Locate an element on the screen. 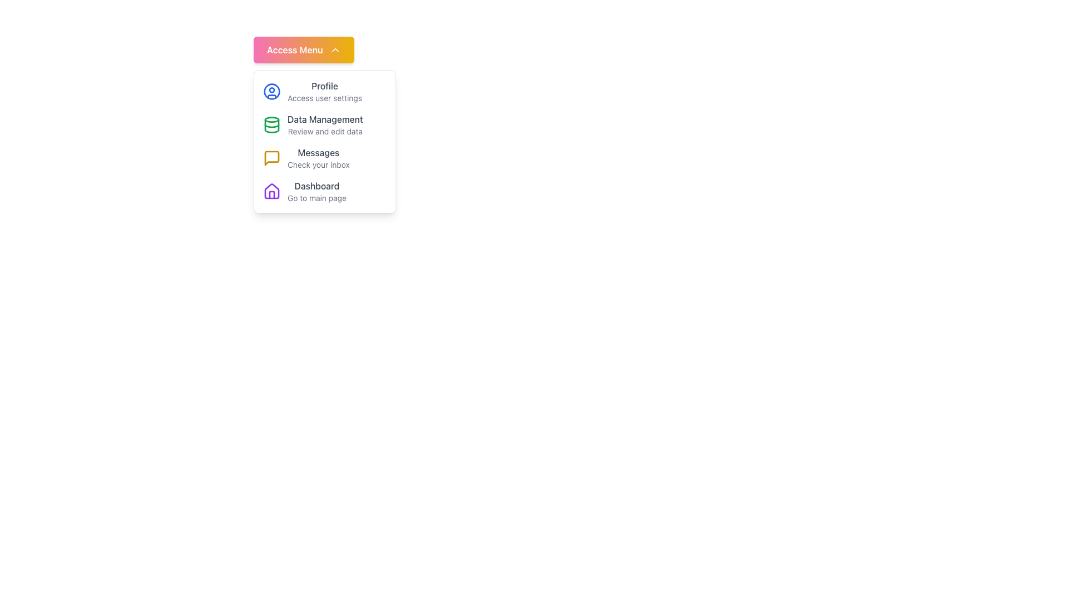  the 'Check your inbox' text element displayed in a small, gray font, located under the 'Messages' label within the dropdown menu is located at coordinates (318, 165).